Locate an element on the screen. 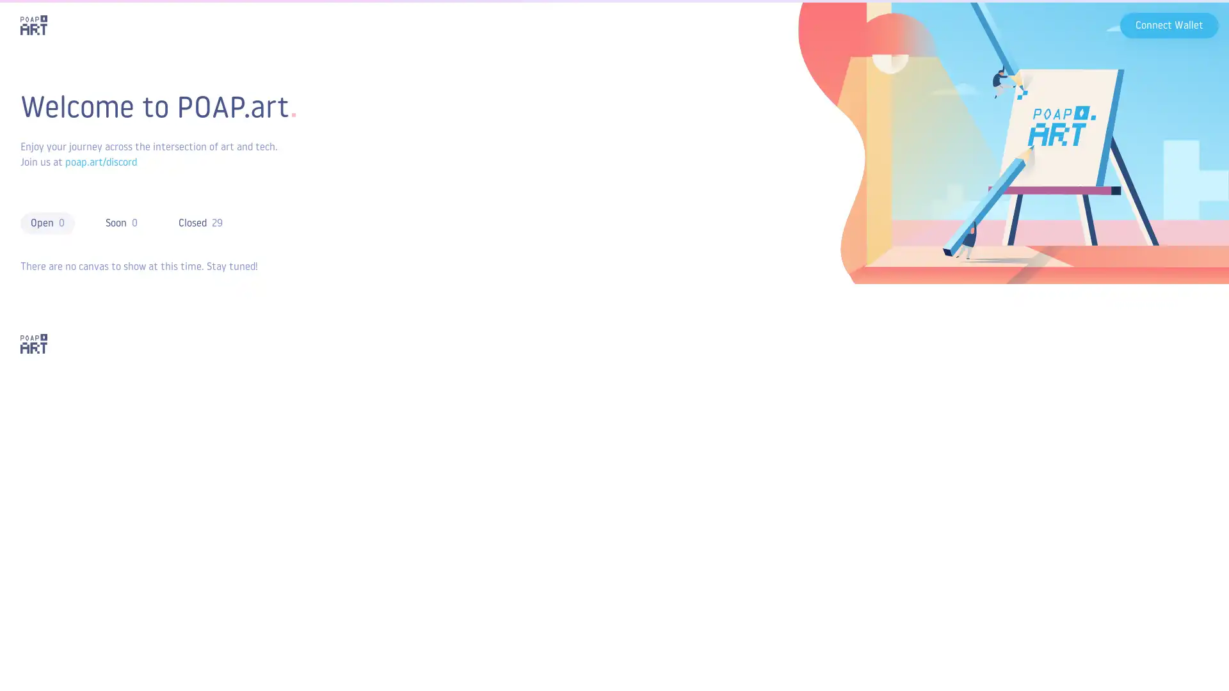  Connect Wallet Connect Wallet is located at coordinates (1169, 24).